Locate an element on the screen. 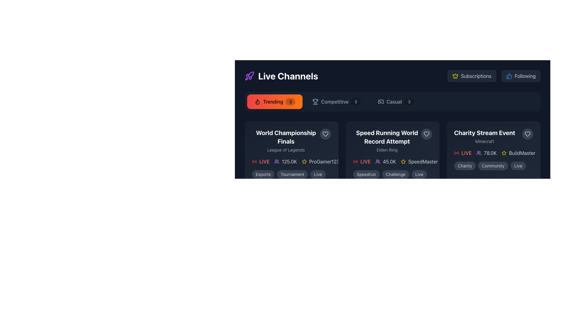 The width and height of the screenshot is (588, 330). the text label that reads 'Charity Stream Event', which is styled with a bold and large font and is located in the top part of the third card in a row of live channel information cards is located at coordinates (484, 133).